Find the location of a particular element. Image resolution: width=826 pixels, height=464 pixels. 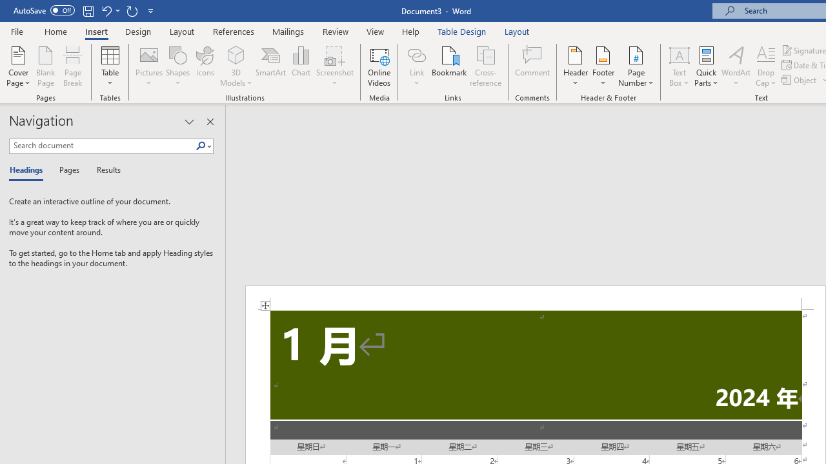

'Design' is located at coordinates (138, 31).